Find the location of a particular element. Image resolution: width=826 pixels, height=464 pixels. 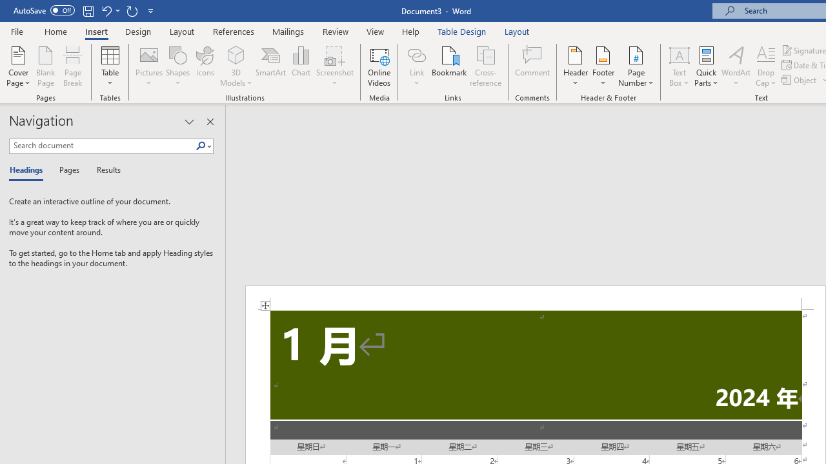

'Design' is located at coordinates (138, 31).